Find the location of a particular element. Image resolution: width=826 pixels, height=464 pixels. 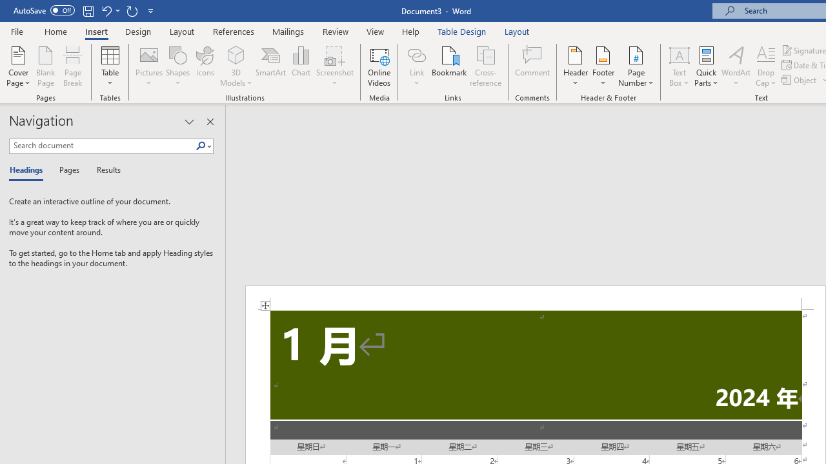

'Design' is located at coordinates (138, 31).